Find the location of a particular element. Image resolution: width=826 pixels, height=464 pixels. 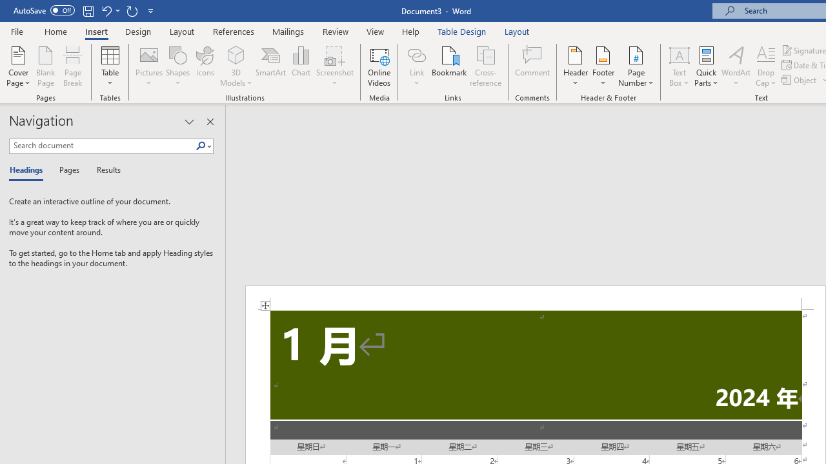

'Design' is located at coordinates (138, 31).